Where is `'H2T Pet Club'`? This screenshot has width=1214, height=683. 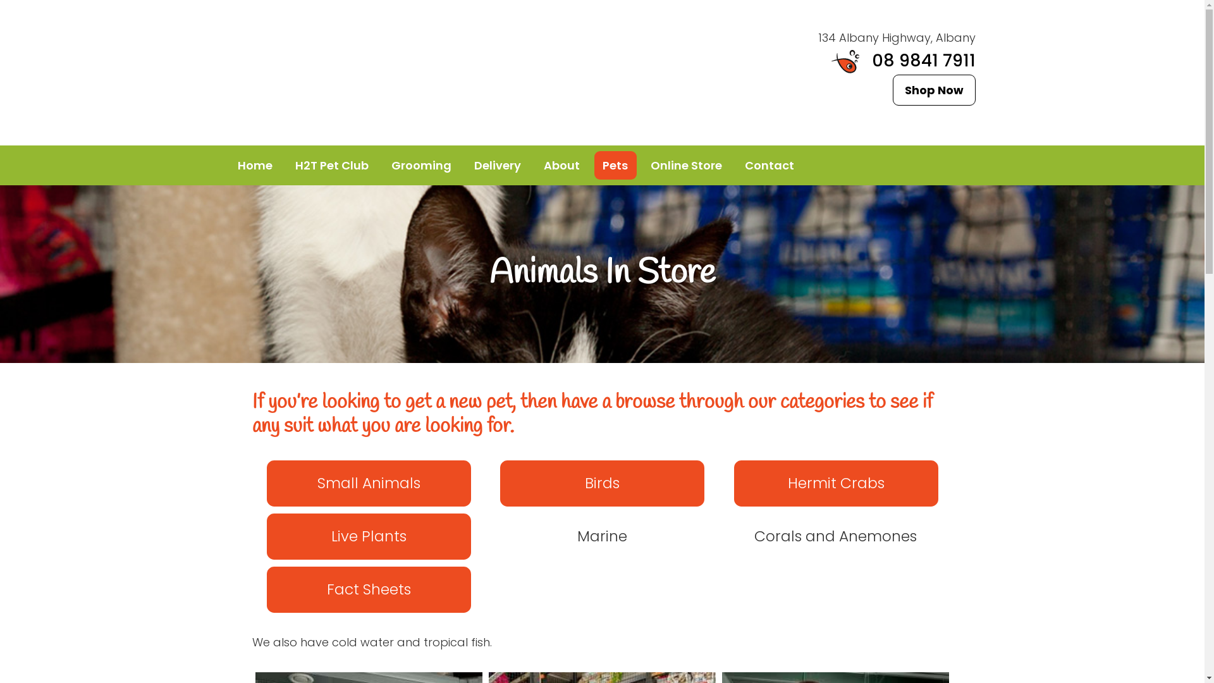
'H2T Pet Club' is located at coordinates (286, 164).